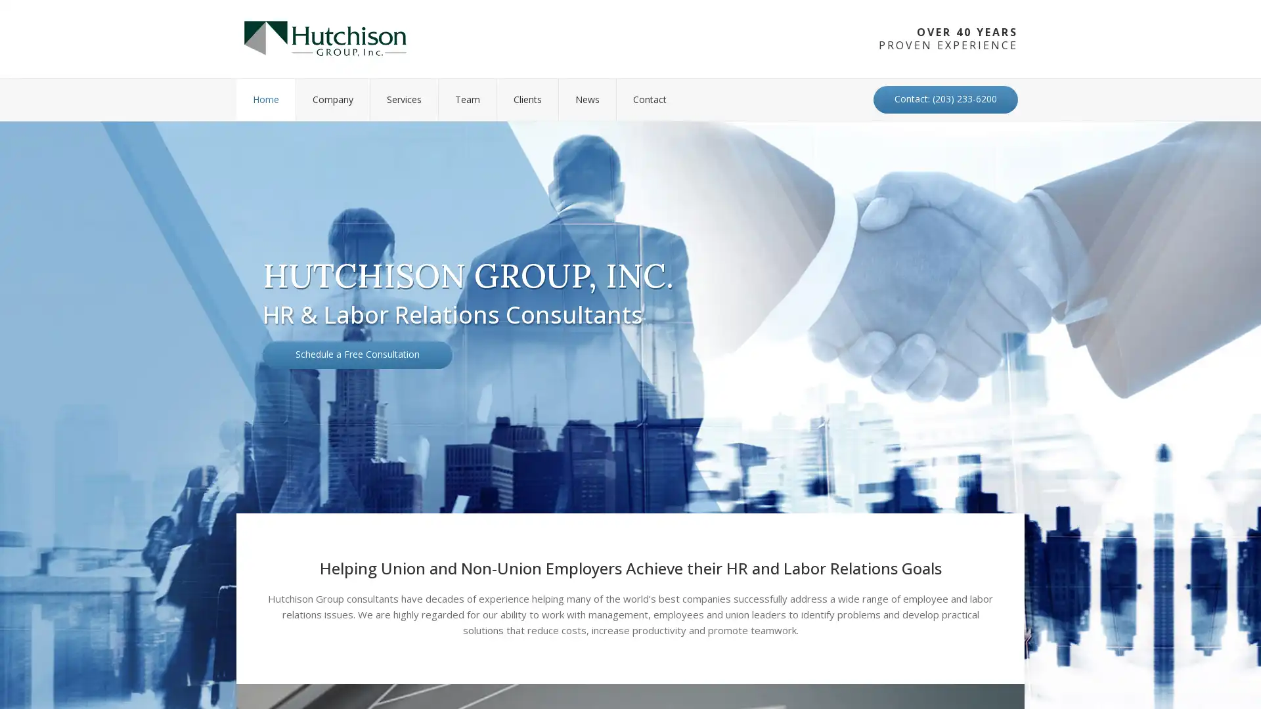 This screenshot has height=709, width=1261. What do you see at coordinates (946, 98) in the screenshot?
I see `Contact: (203) 233-6200` at bounding box center [946, 98].